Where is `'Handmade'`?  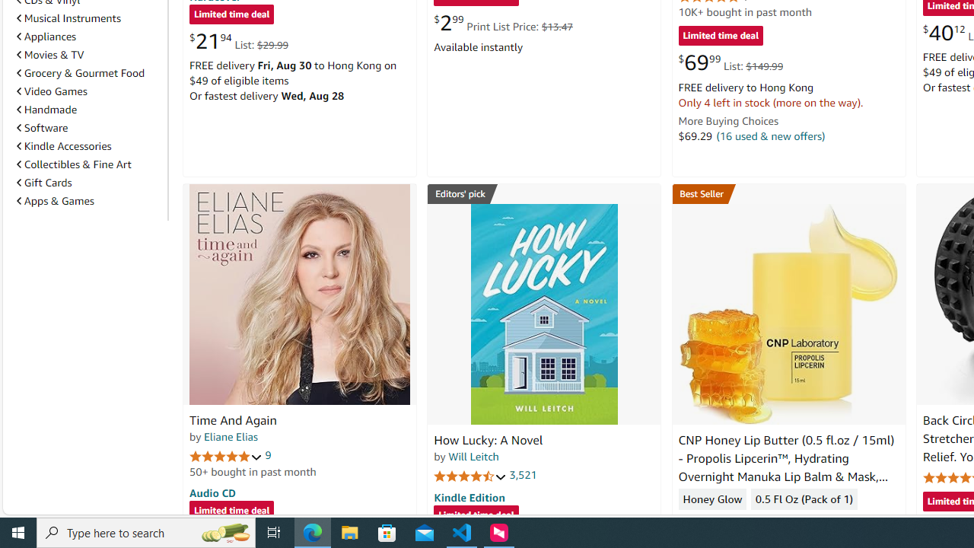 'Handmade' is located at coordinates (47, 109).